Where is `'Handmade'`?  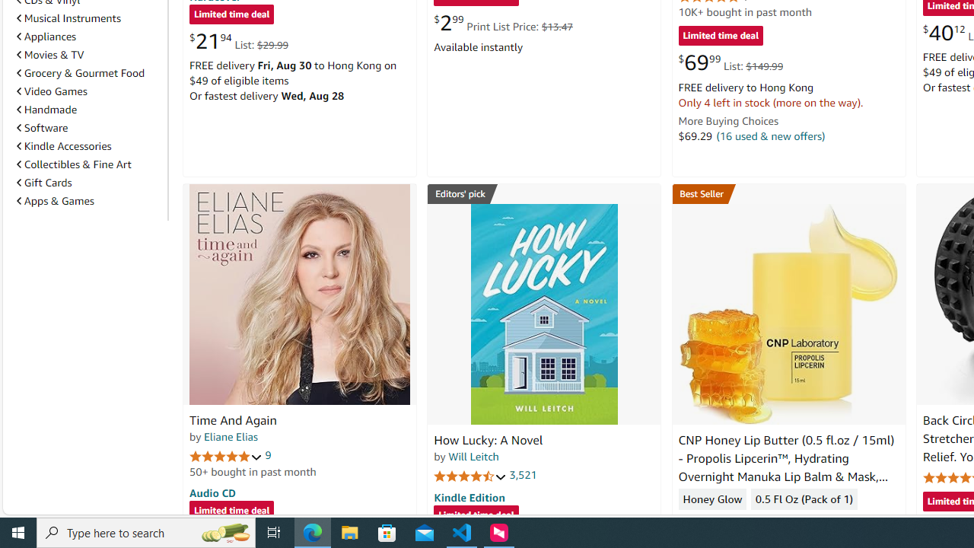 'Handmade' is located at coordinates (47, 109).